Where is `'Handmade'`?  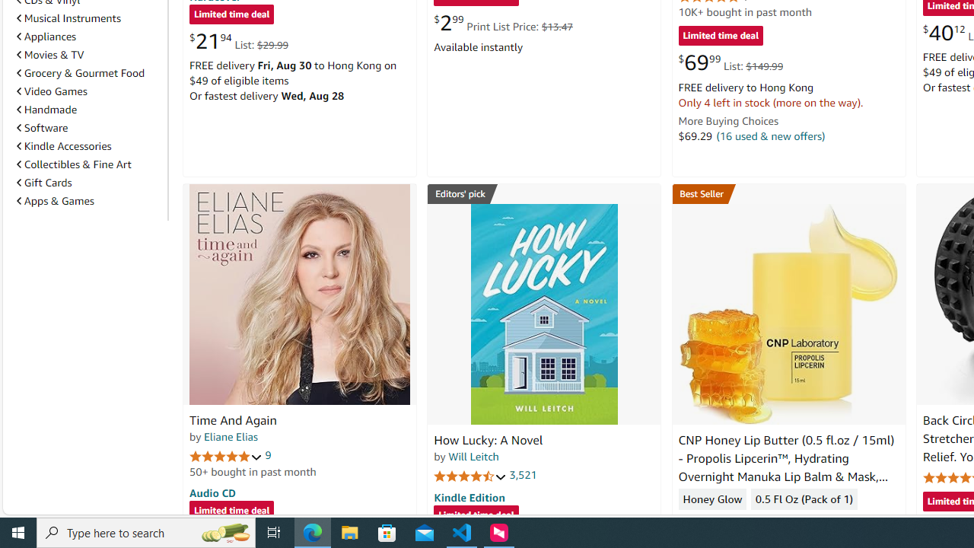 'Handmade' is located at coordinates (47, 109).